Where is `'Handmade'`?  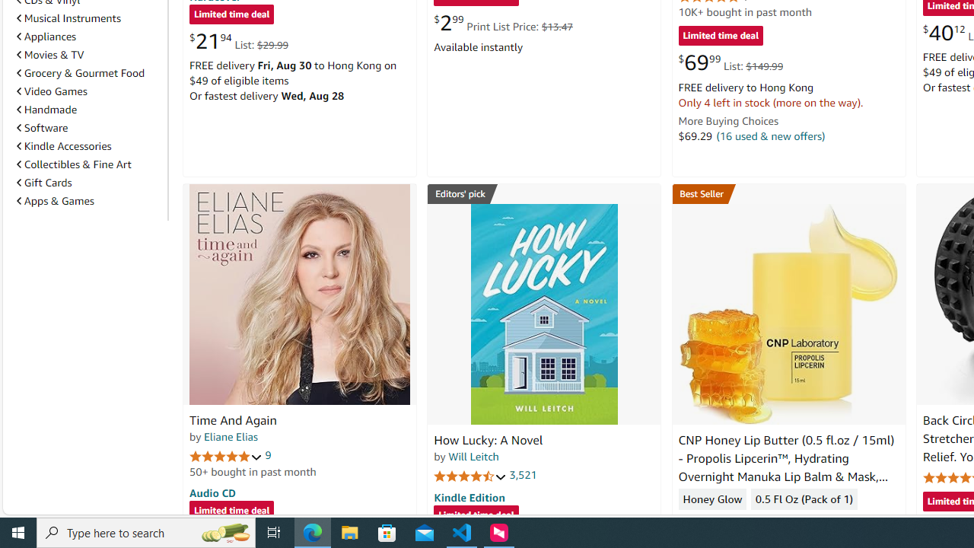 'Handmade' is located at coordinates (47, 109).